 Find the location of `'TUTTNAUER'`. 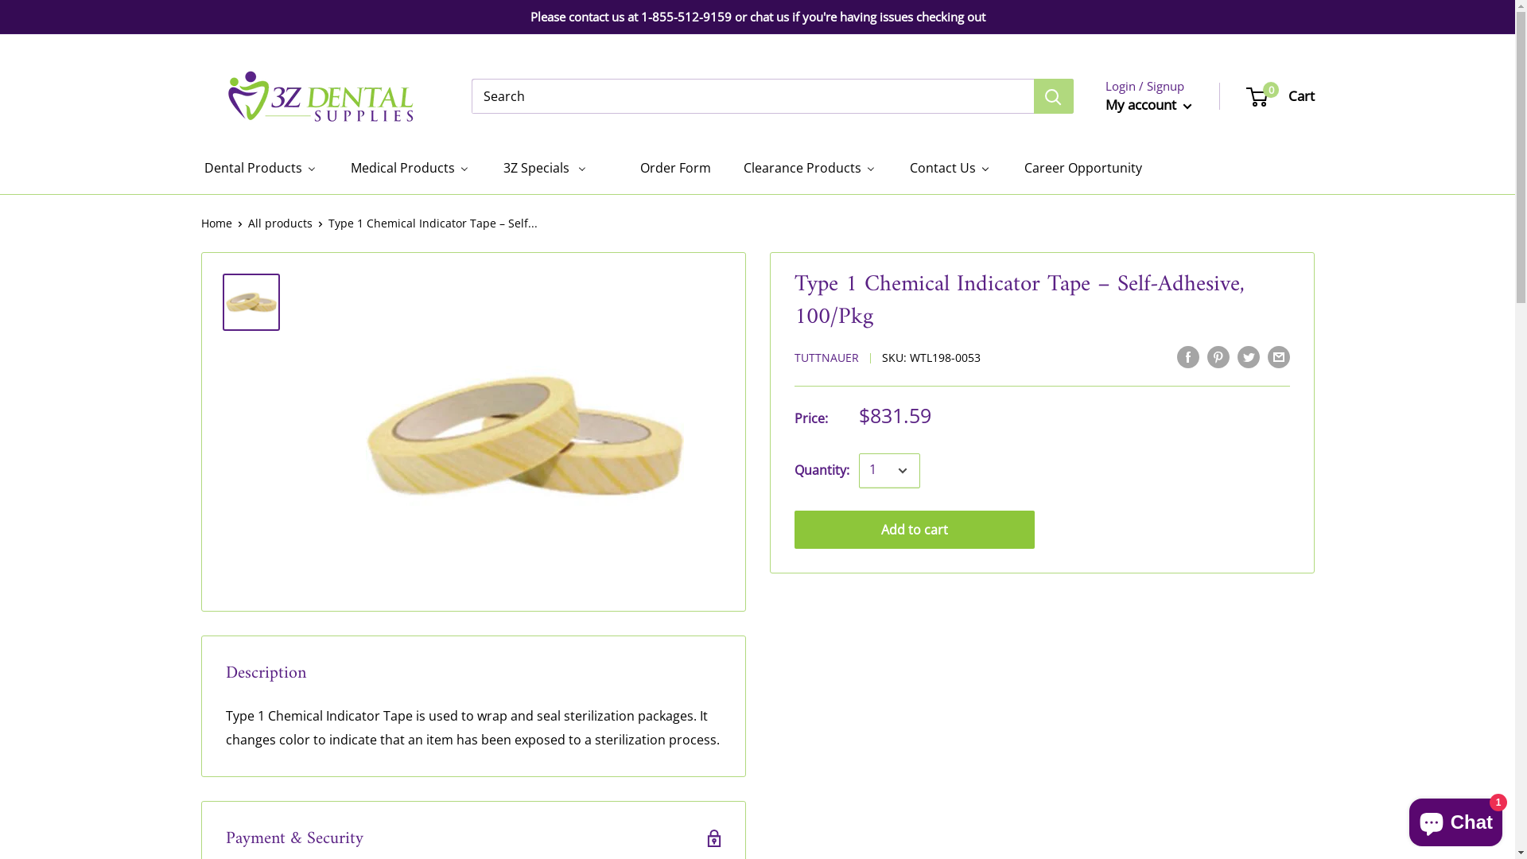

'TUTTNAUER' is located at coordinates (826, 356).